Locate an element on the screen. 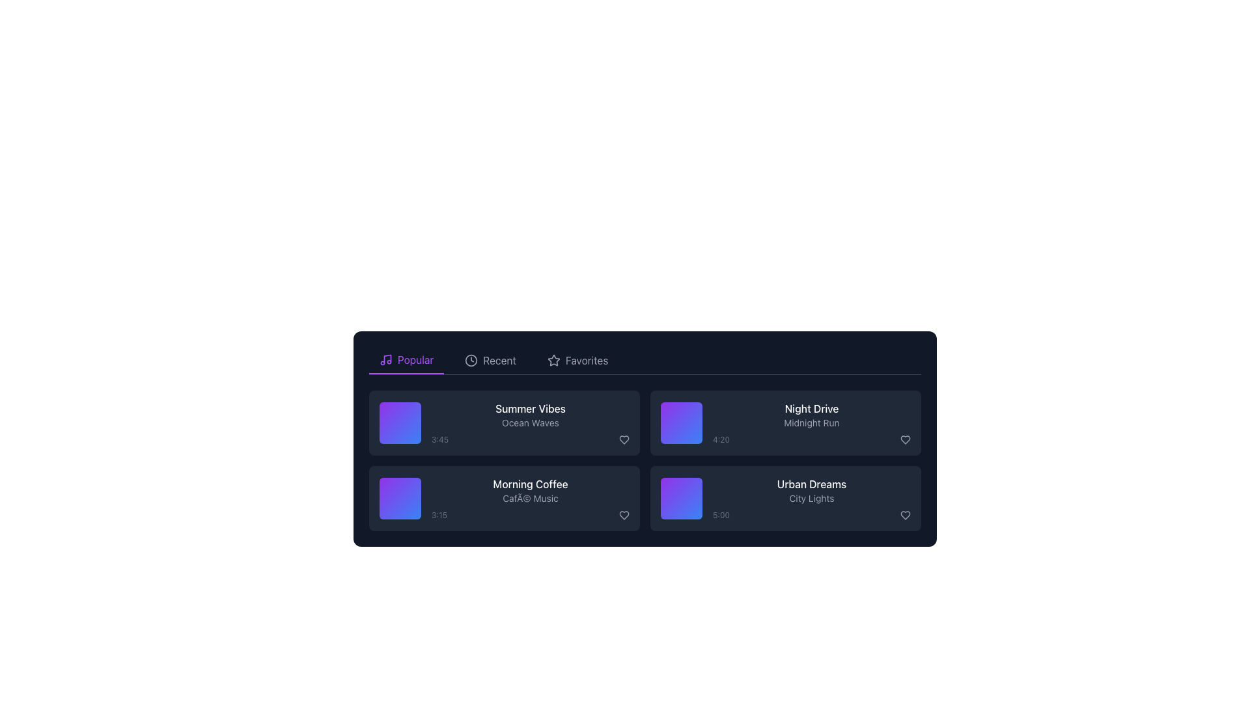  to interact with the text block containing the title 'Morning Coffee', subtitle 'Café Music', and timestamp '3:15', located in the lower-left quarter of the interface is located at coordinates (531, 498).